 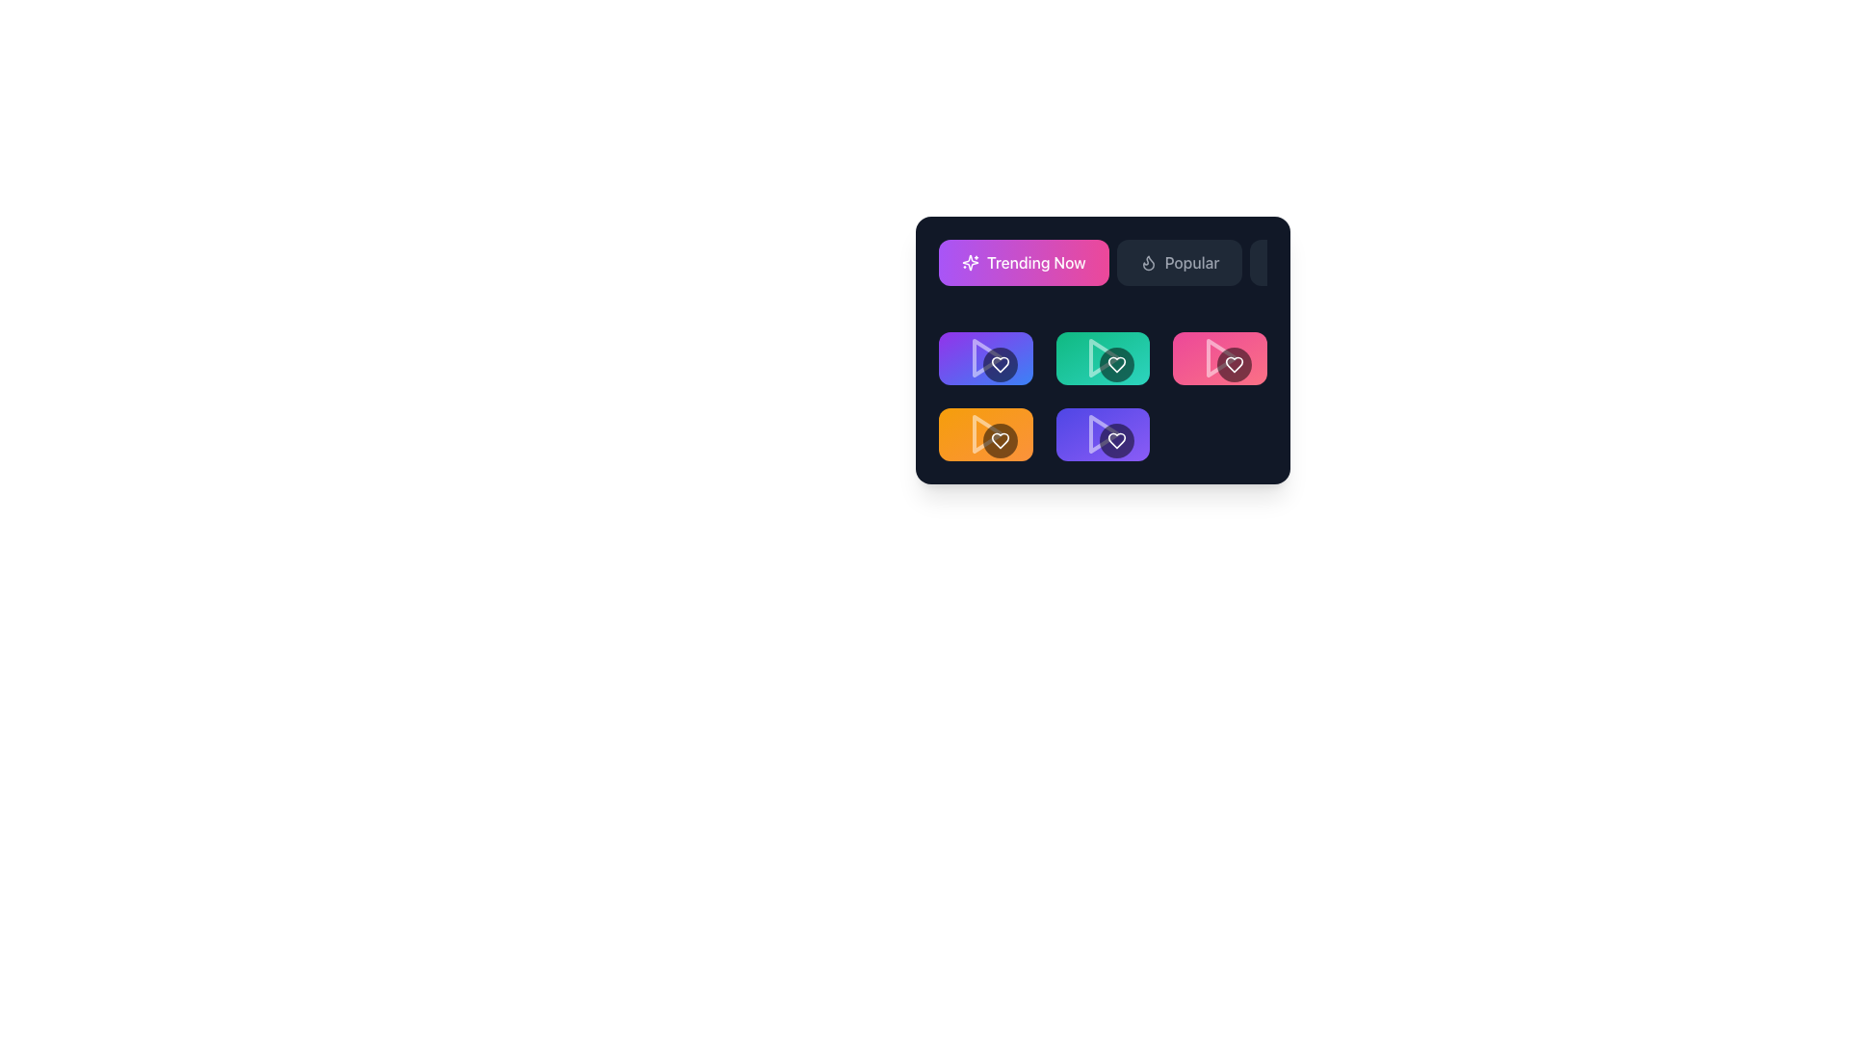 What do you see at coordinates (1148, 263) in the screenshot?
I see `the flame icon located in the navigation bar adjacent to the 'Popular' text button` at bounding box center [1148, 263].